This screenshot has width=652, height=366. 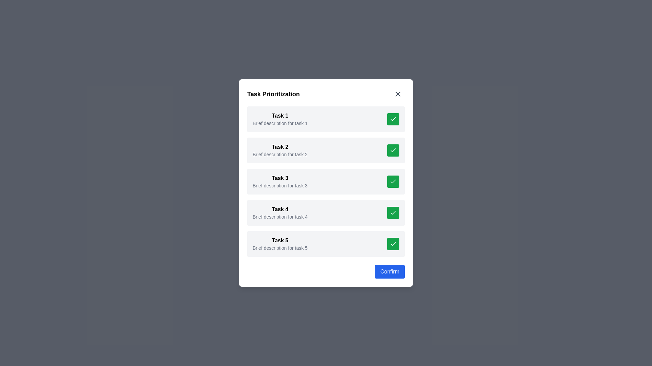 I want to click on the green, square-shaped button with rounded corners featuring a white checkmark icon, located in the row labeled 'Task 4', so click(x=393, y=212).